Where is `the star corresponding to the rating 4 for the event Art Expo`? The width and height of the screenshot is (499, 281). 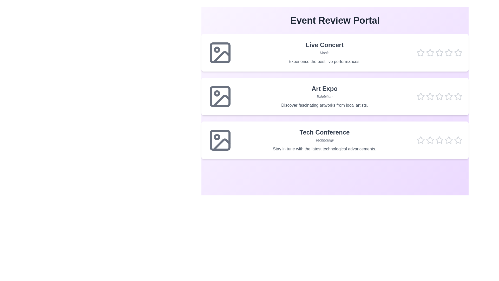 the star corresponding to the rating 4 for the event Art Expo is located at coordinates (449, 96).